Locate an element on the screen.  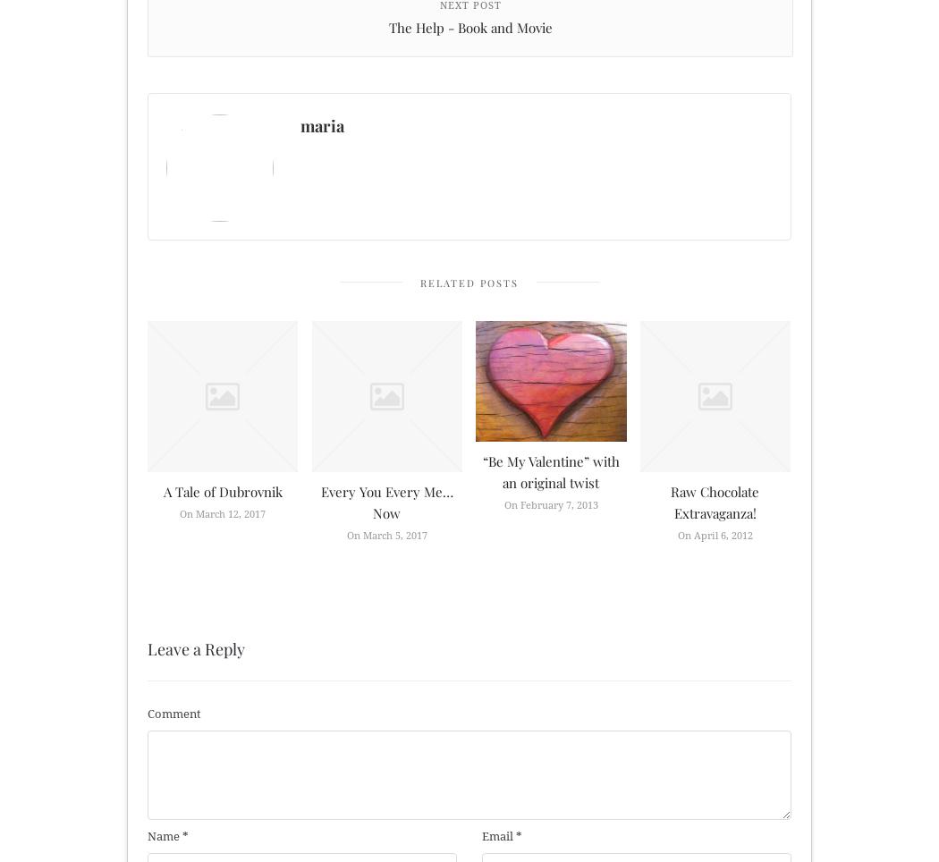
'On April 6, 2012' is located at coordinates (714, 534).